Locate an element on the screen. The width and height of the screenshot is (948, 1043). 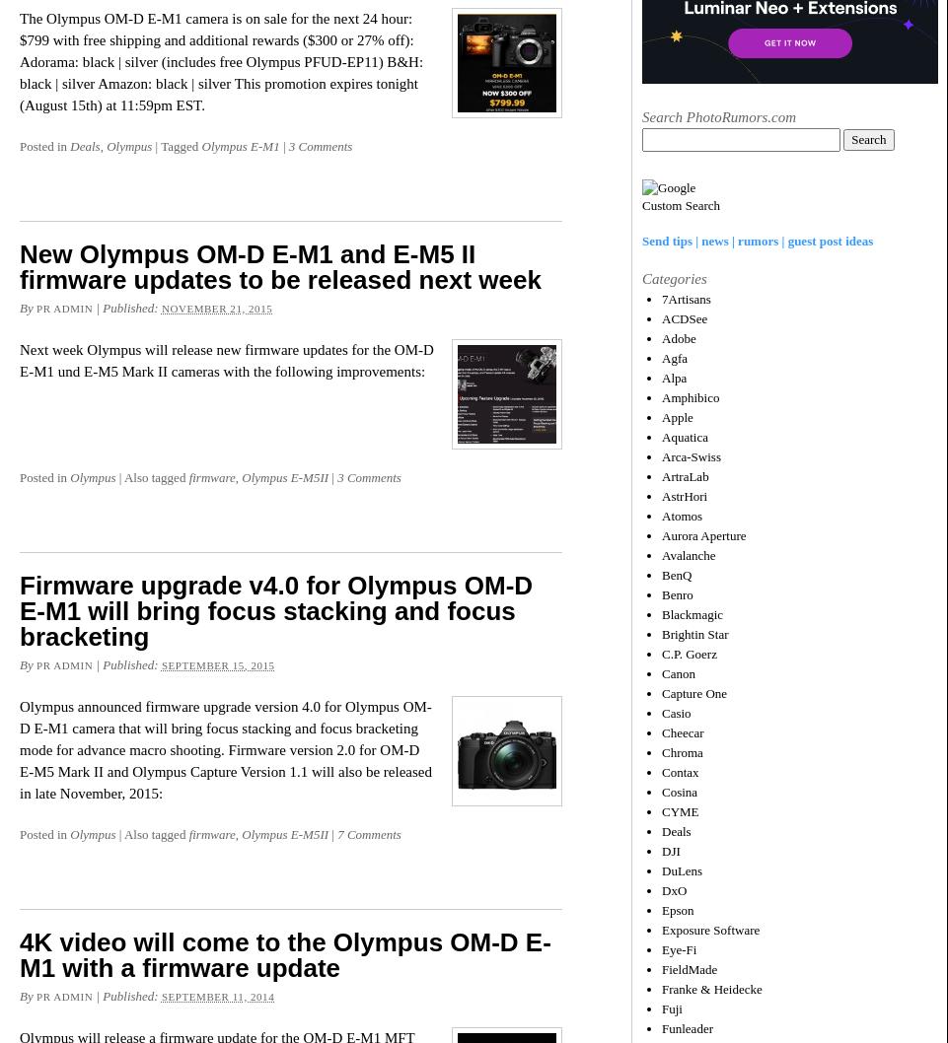
'Olympus announced firmware upgrade version 4.0 for Olympus OM-D E-M1 camera that will bring focus stacking and focus bracketing mode for advance macro shooting. Firmware version 2.0 for OM-D E-M5 Mark II and Olympus Capture Version 1.1 will also be released in late November, 2015:' is located at coordinates (224, 750).